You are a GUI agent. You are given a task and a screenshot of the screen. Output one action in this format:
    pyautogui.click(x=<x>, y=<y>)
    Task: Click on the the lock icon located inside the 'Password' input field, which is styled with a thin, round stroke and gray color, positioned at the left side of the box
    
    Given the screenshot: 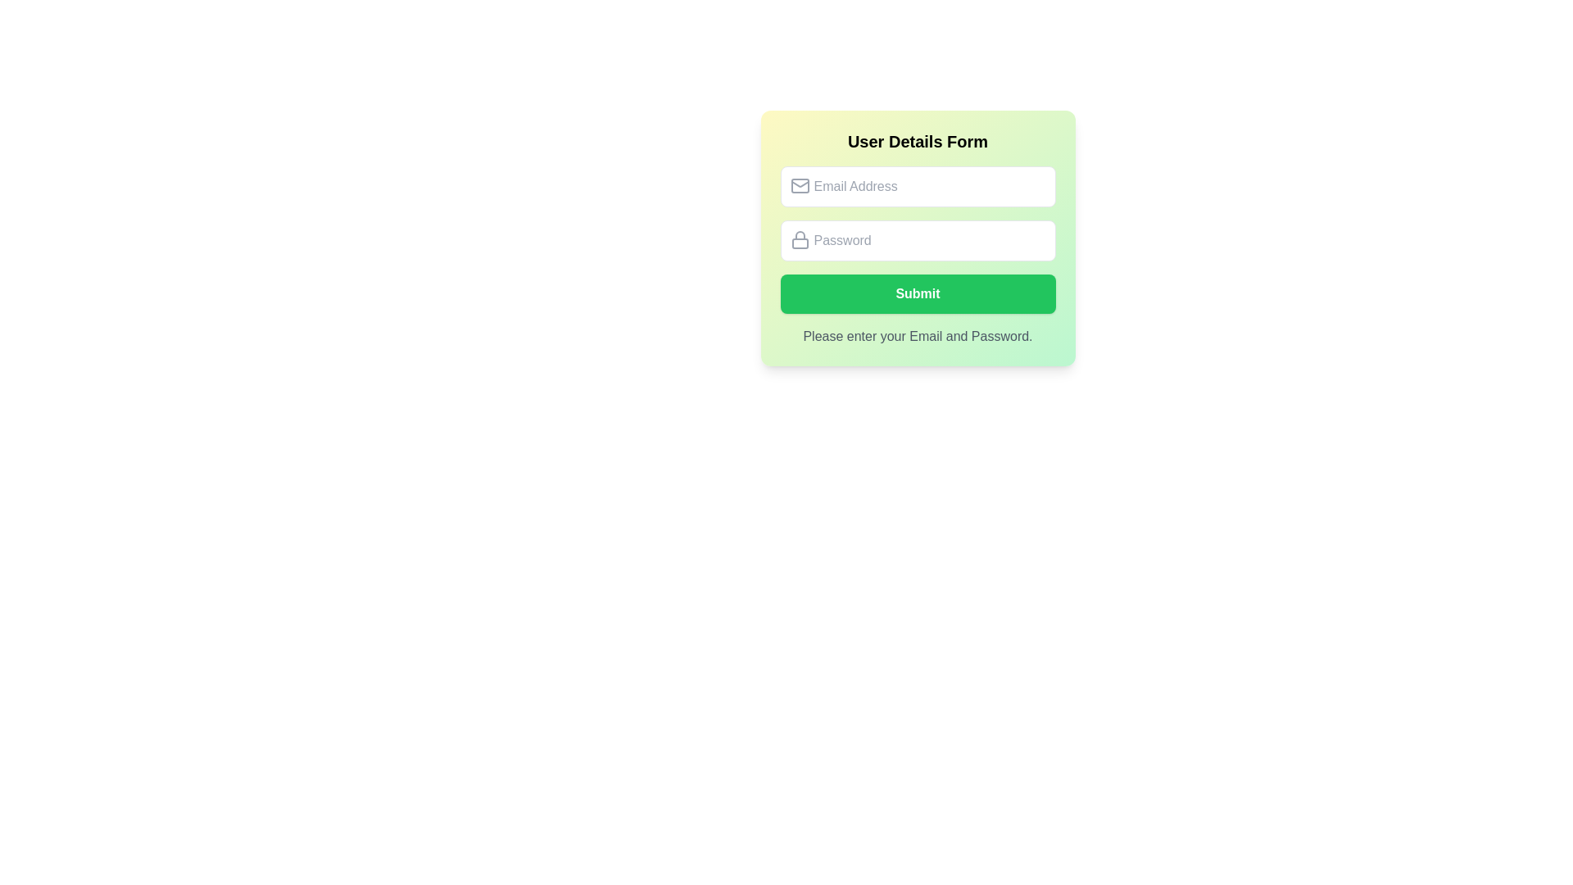 What is the action you would take?
    pyautogui.click(x=800, y=240)
    